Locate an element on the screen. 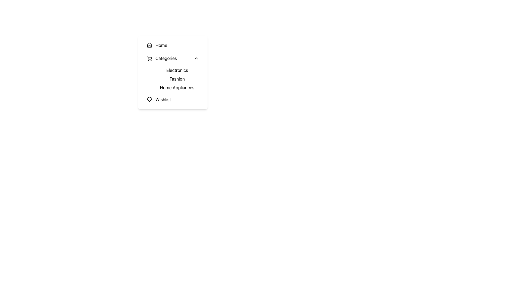  the 'Fashion' link in the Hyperlinked menu list located under the 'Categories' section is located at coordinates (177, 79).